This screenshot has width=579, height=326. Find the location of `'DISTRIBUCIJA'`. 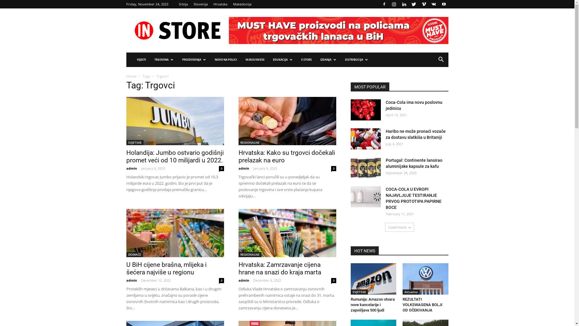

'DISTRIBUCIJA' is located at coordinates (356, 59).